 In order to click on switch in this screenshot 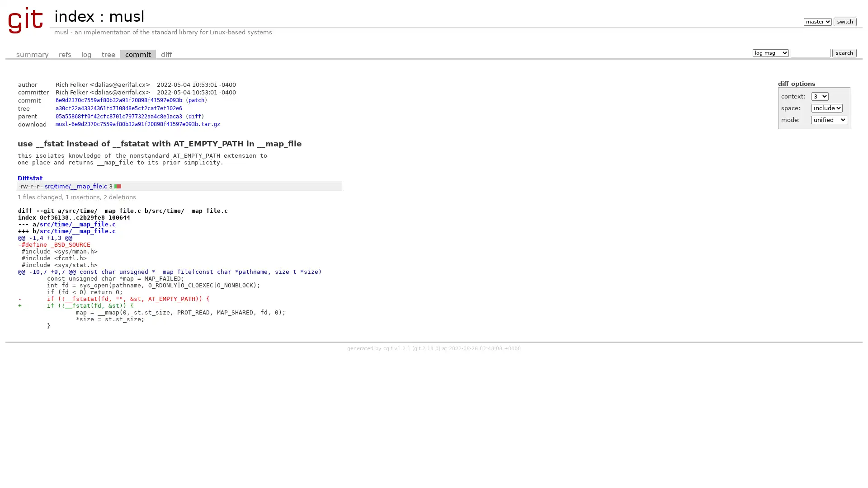, I will do `click(844, 21)`.